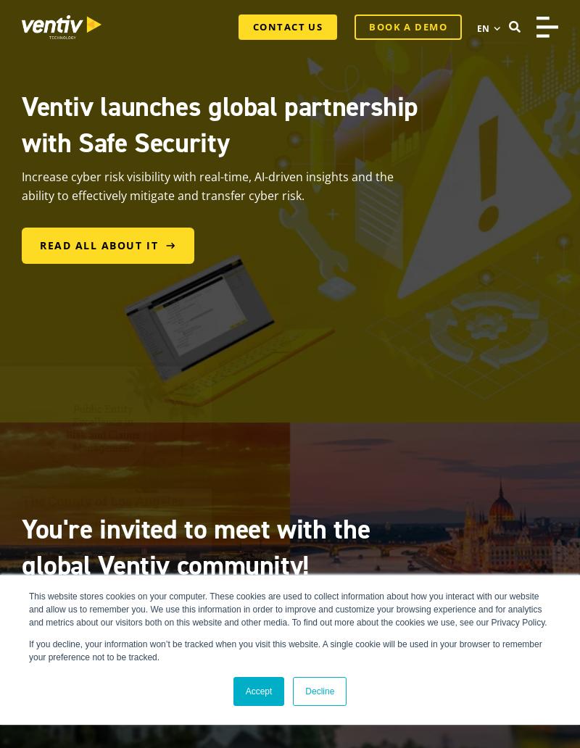 The image size is (580, 748). Describe the element at coordinates (219, 124) in the screenshot. I see `'Ventiv launches global partnership with Safe Security'` at that location.